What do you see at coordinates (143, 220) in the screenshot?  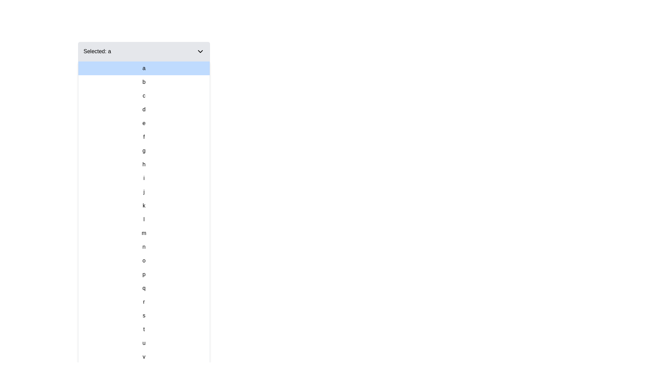 I see `the 12th item in the vertically oriented list that serves as a selectable option for navigation or selection purposes` at bounding box center [143, 220].